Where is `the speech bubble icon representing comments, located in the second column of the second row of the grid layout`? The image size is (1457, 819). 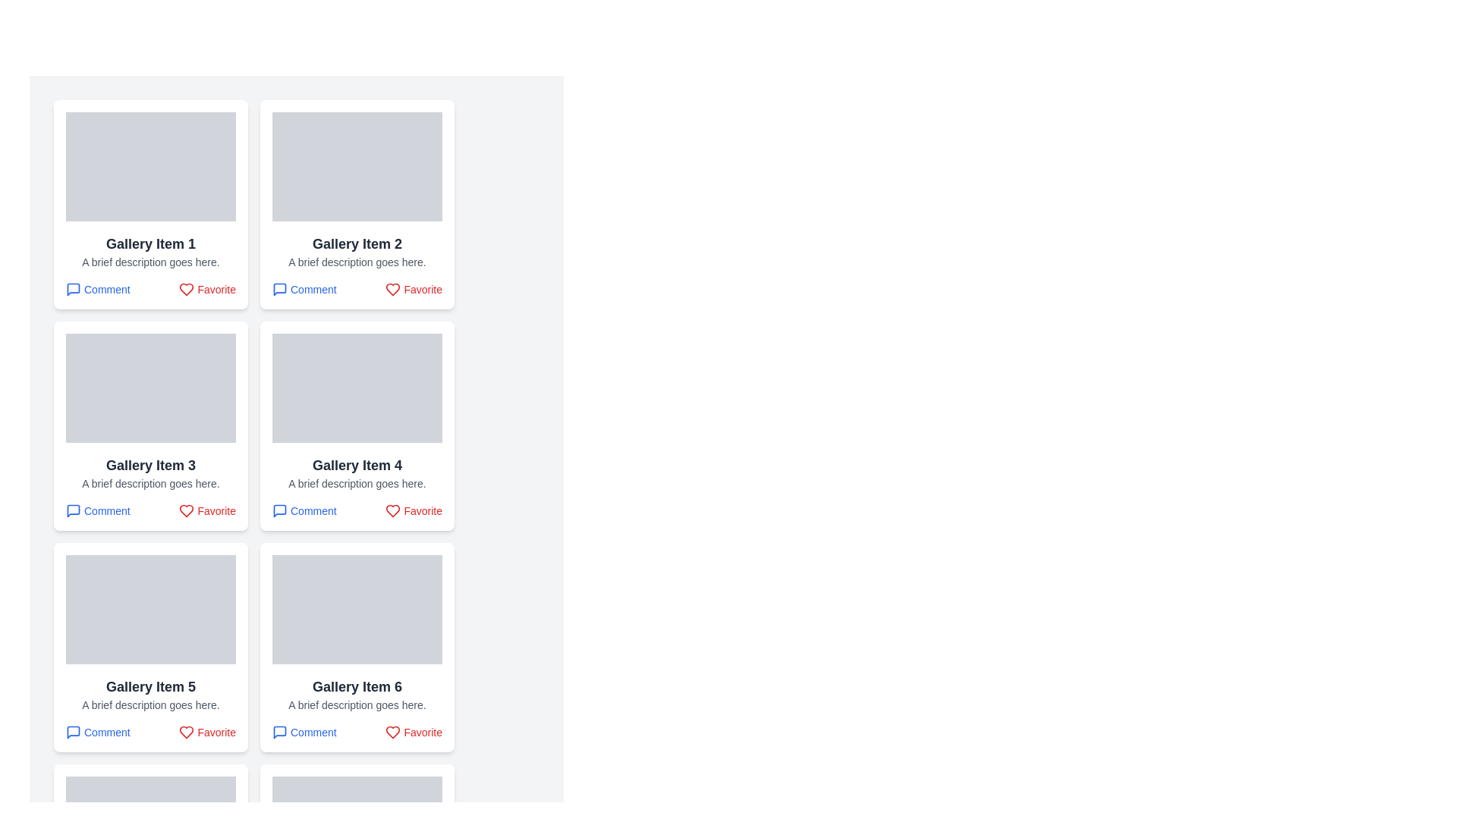
the speech bubble icon representing comments, located in the second column of the second row of the grid layout is located at coordinates (280, 511).